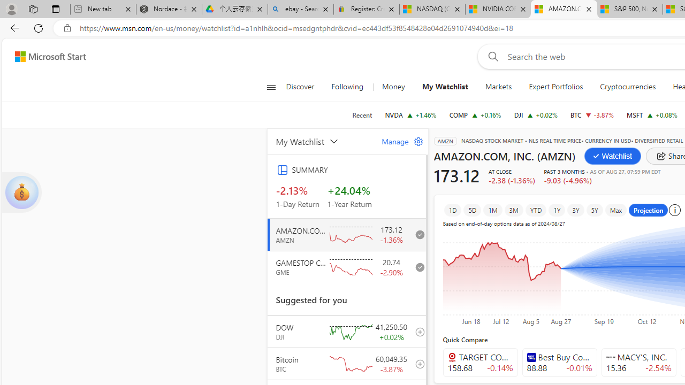 This screenshot has height=385, width=685. Describe the element at coordinates (362, 115) in the screenshot. I see `'Recent'` at that location.